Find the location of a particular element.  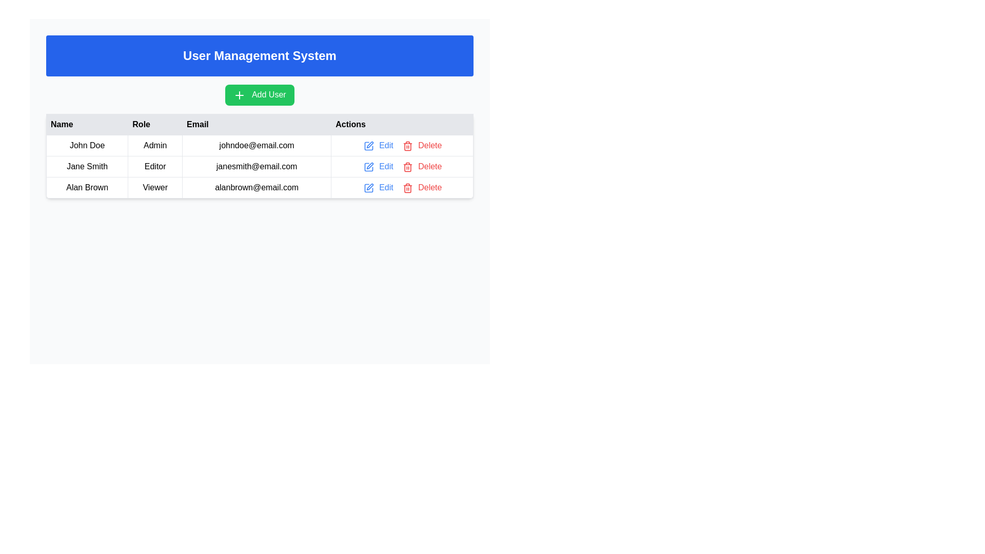

the bold, enlarged text label reading 'User Management System' that is centered at the top of the interface with a blue background is located at coordinates (260, 55).